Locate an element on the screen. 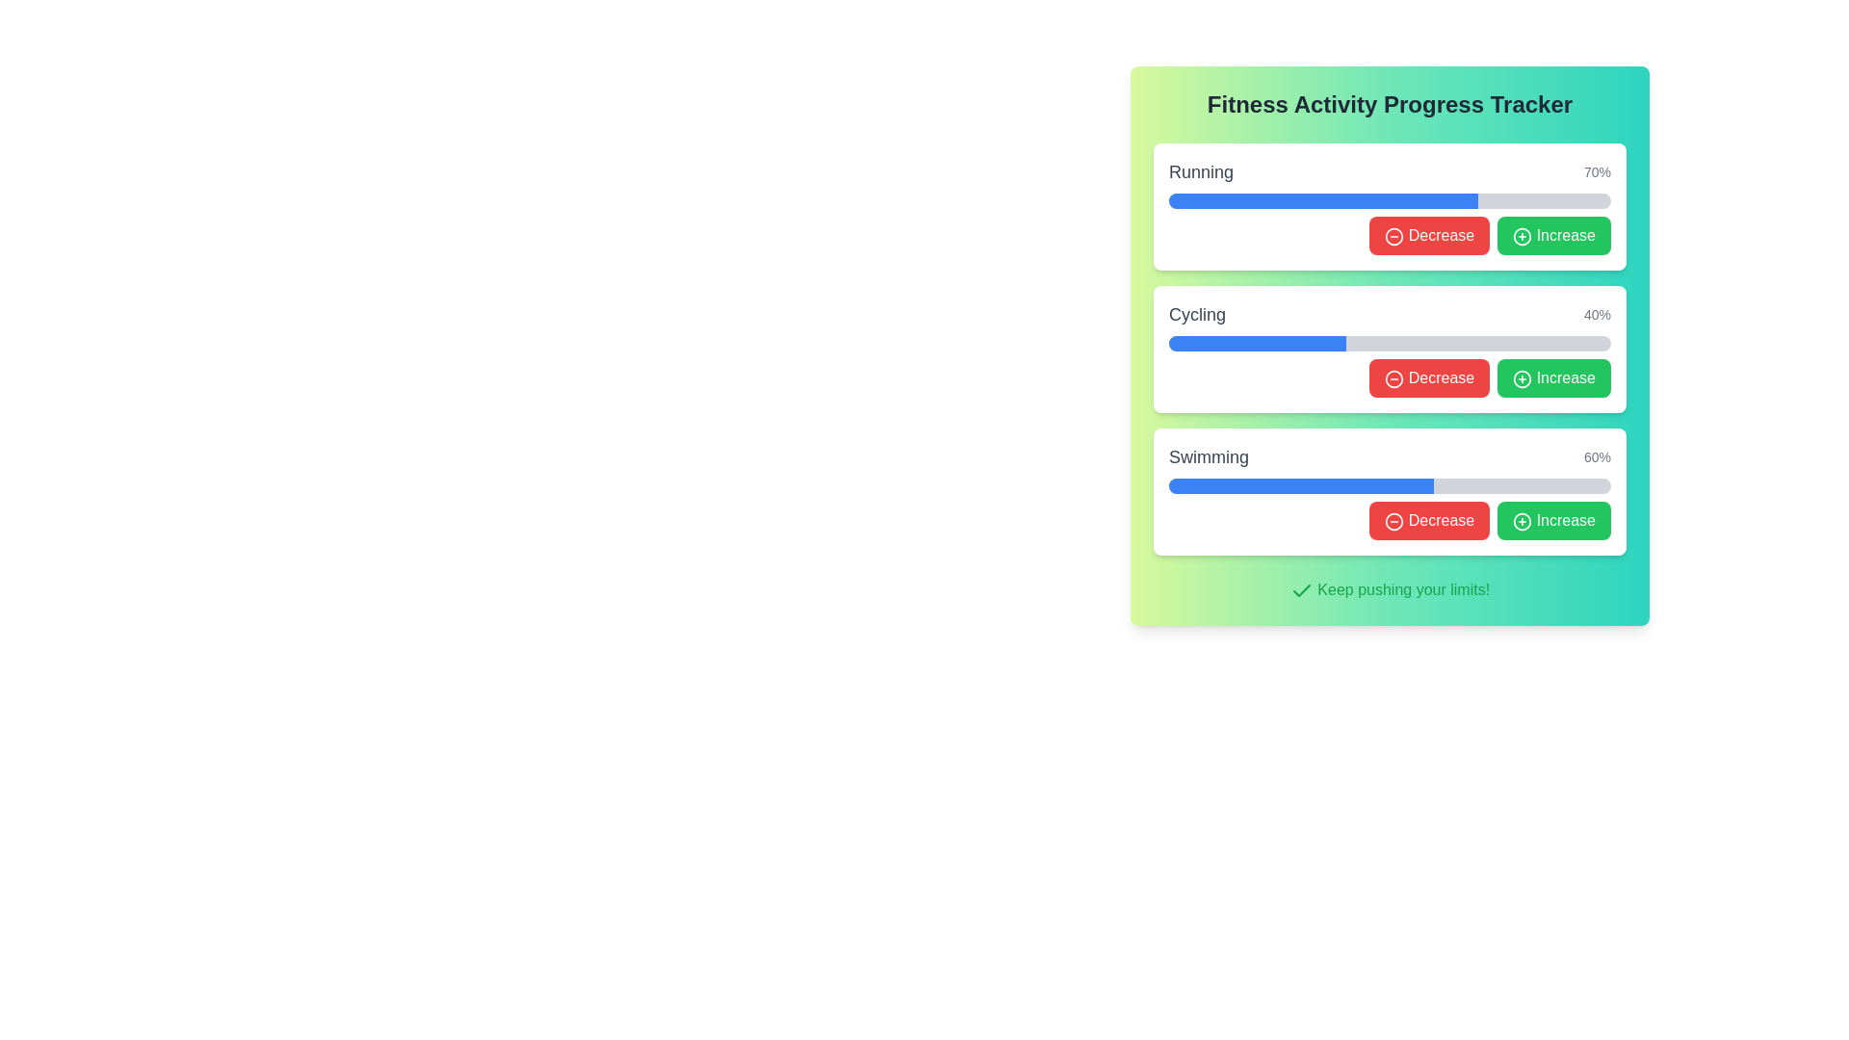 Image resolution: width=1849 pixels, height=1040 pixels. the progress for cycling activity is located at coordinates (1337, 343).